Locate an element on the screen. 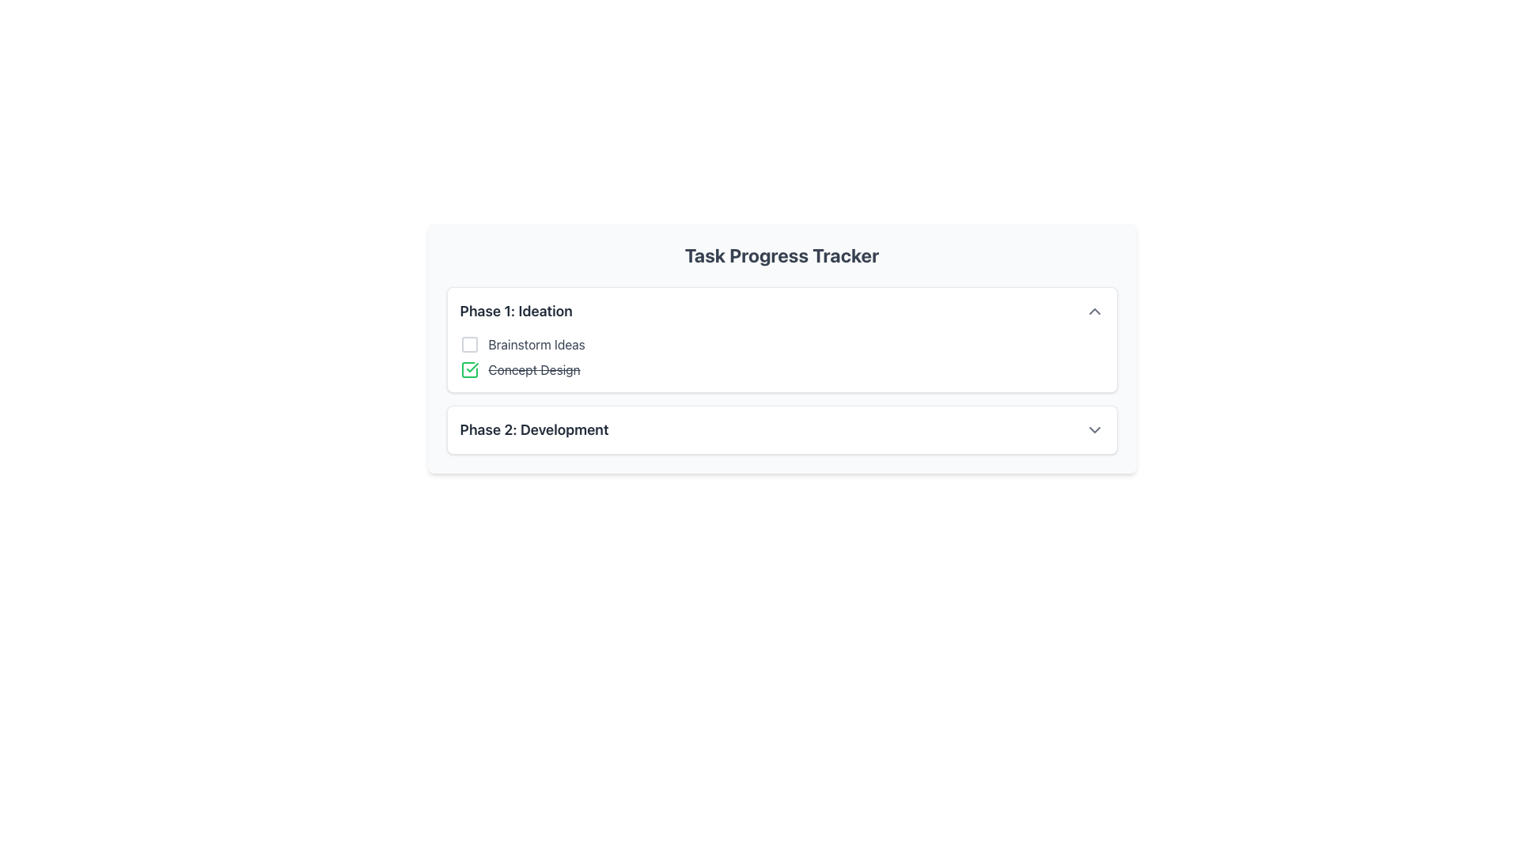 This screenshot has height=854, width=1519. the completion status icon for the 'Concept Design' task located at the top-left corner of its row in the task list under 'Phase 1: Ideation' is located at coordinates (468, 369).